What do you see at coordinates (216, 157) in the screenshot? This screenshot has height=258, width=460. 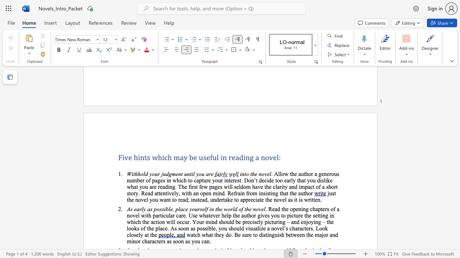 I see `the subset text "l in rea" within the text "Five hints which may be useful in reading a novel:"` at bounding box center [216, 157].